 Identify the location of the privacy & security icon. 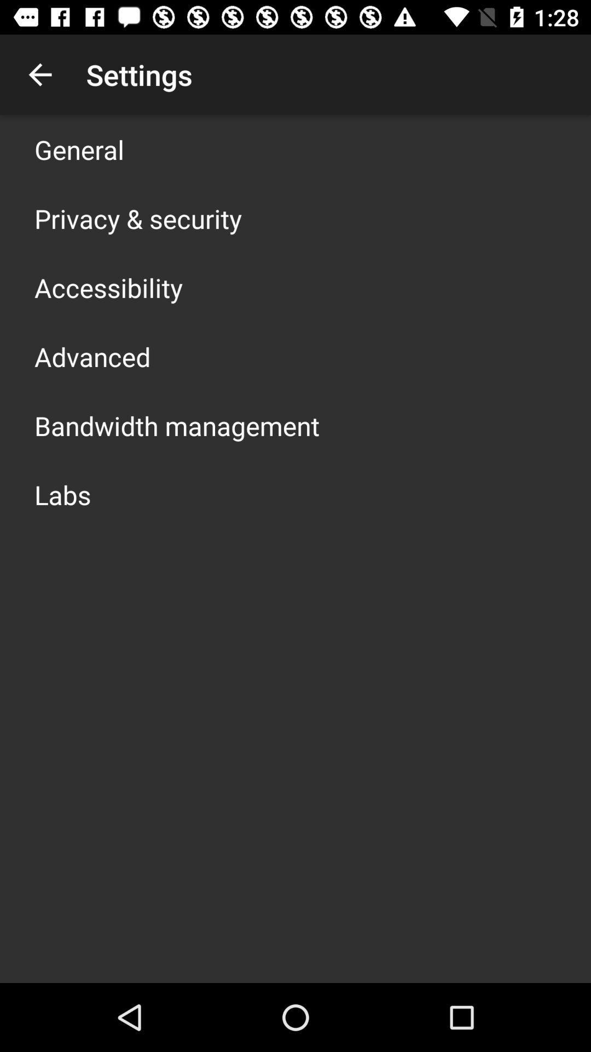
(137, 218).